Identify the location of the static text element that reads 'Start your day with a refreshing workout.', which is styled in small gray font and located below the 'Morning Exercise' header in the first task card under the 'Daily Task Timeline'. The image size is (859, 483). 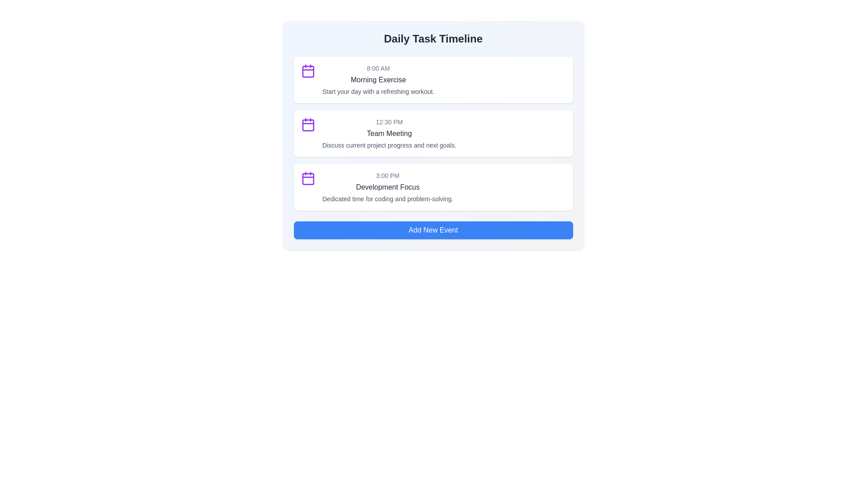
(378, 91).